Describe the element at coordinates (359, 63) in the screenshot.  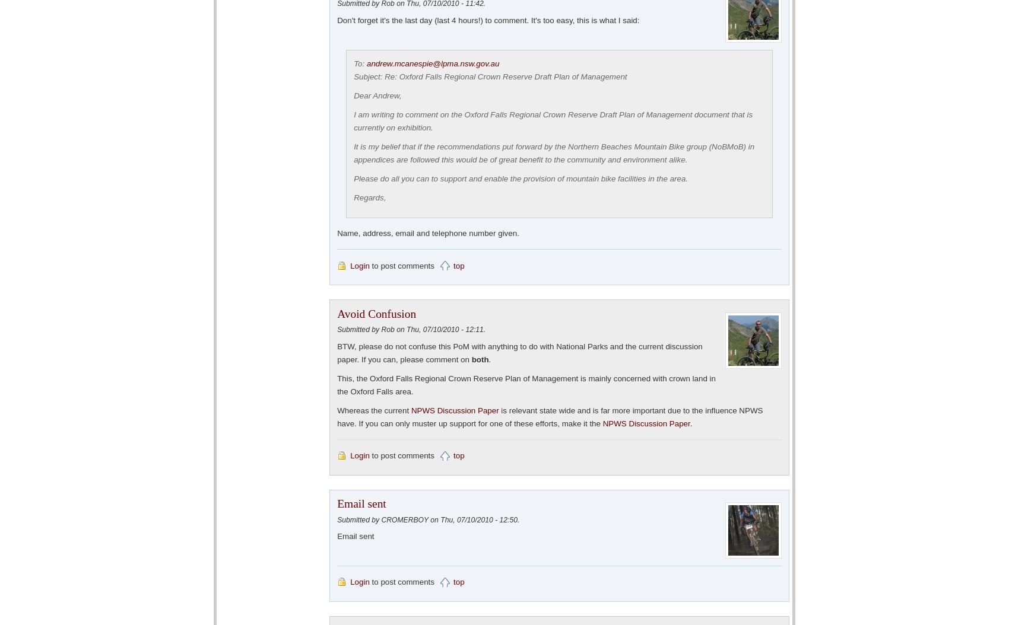
I see `'To:'` at that location.